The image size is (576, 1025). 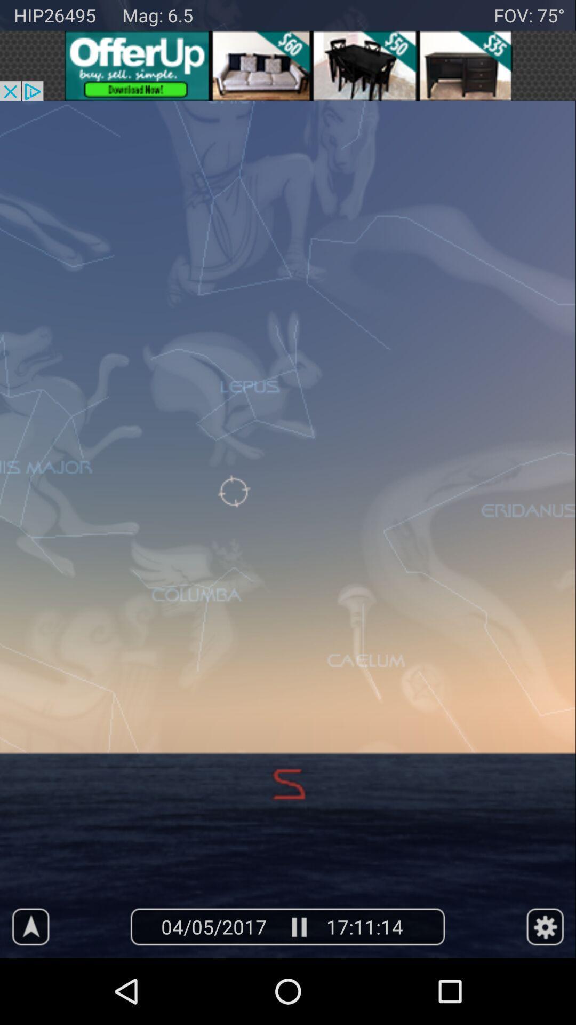 I want to click on settings, so click(x=545, y=926).